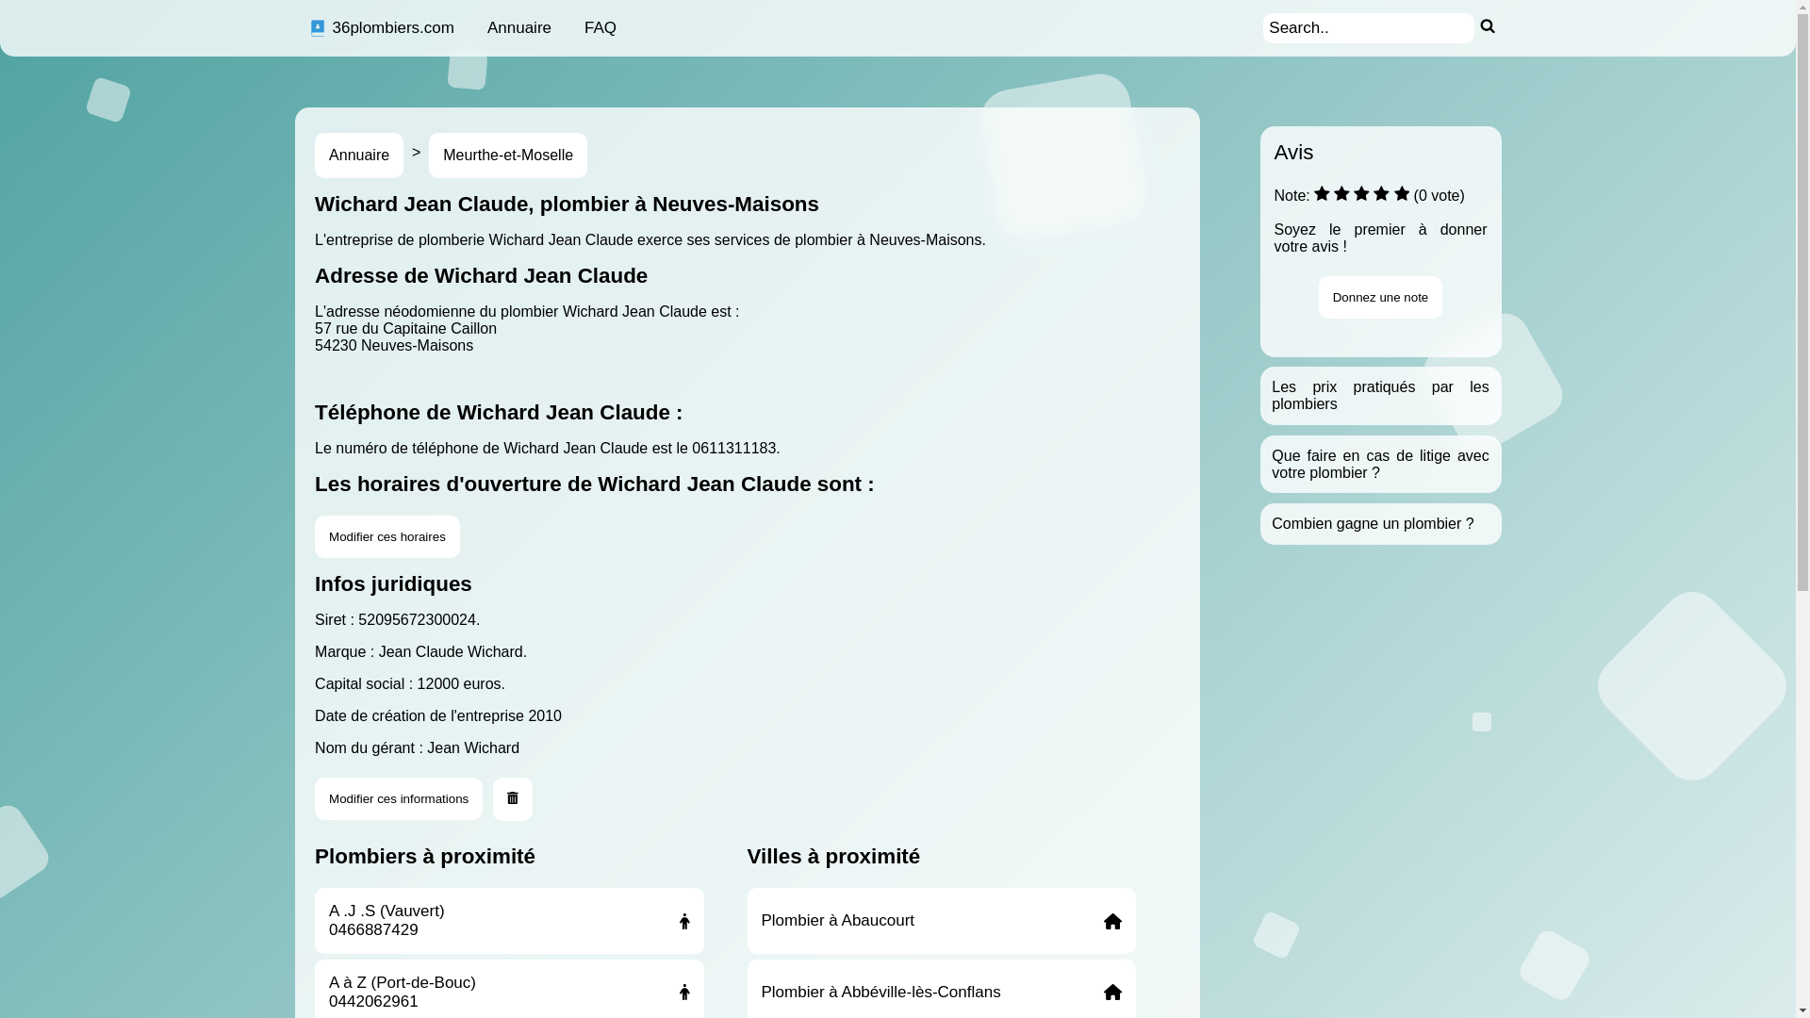  What do you see at coordinates (507, 155) in the screenshot?
I see `'Meurthe-et-Moselle'` at bounding box center [507, 155].